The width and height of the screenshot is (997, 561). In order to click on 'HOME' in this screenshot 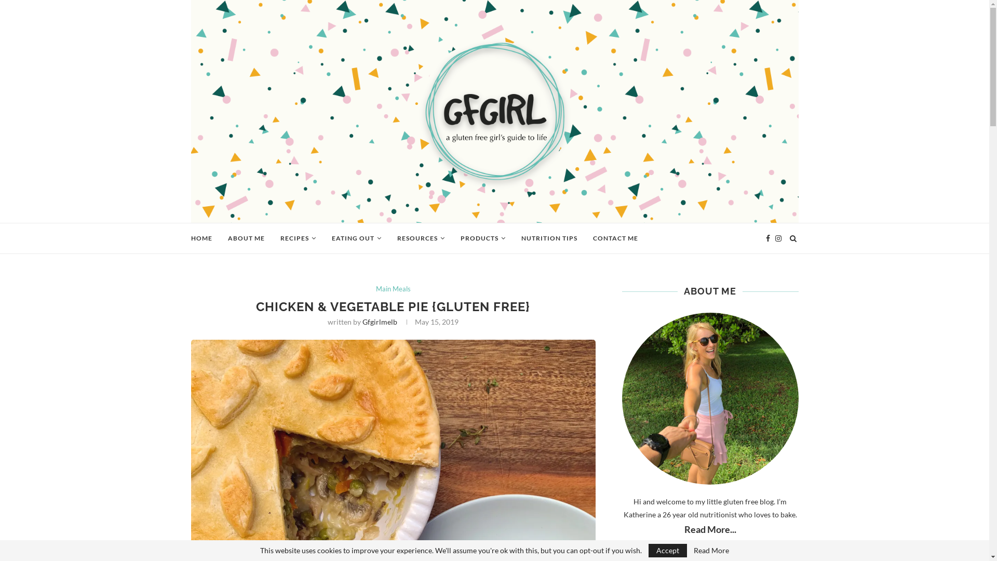, I will do `click(201, 238)`.